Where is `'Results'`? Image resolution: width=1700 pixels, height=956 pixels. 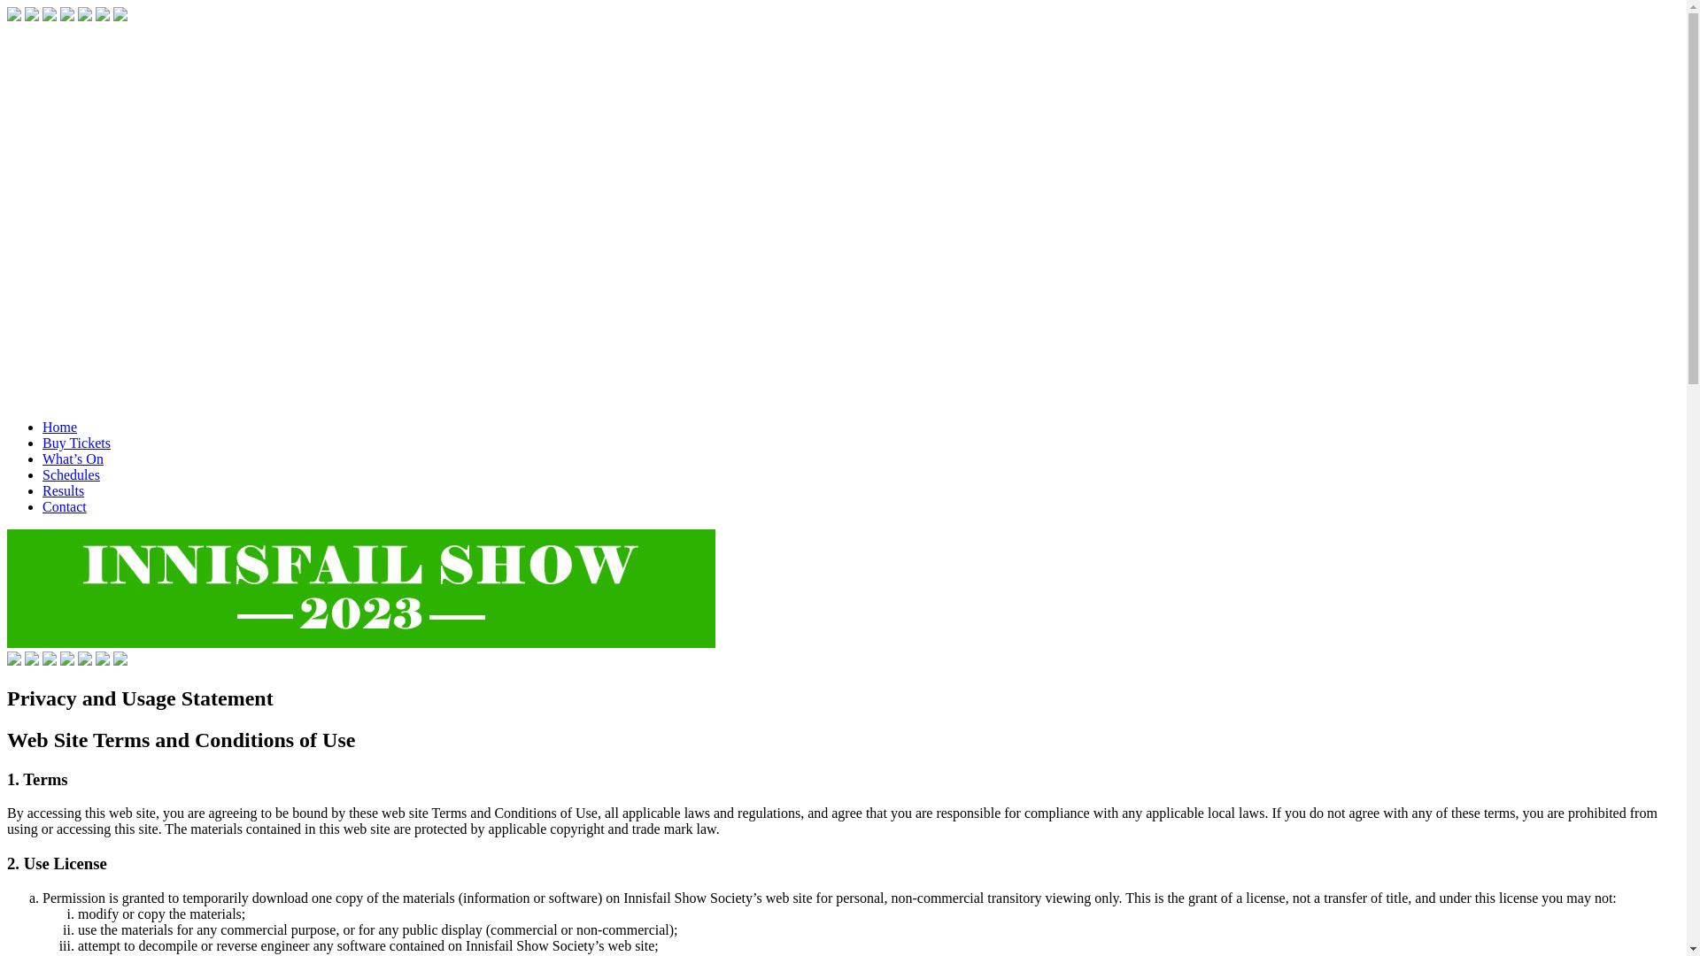
'Results' is located at coordinates (63, 490).